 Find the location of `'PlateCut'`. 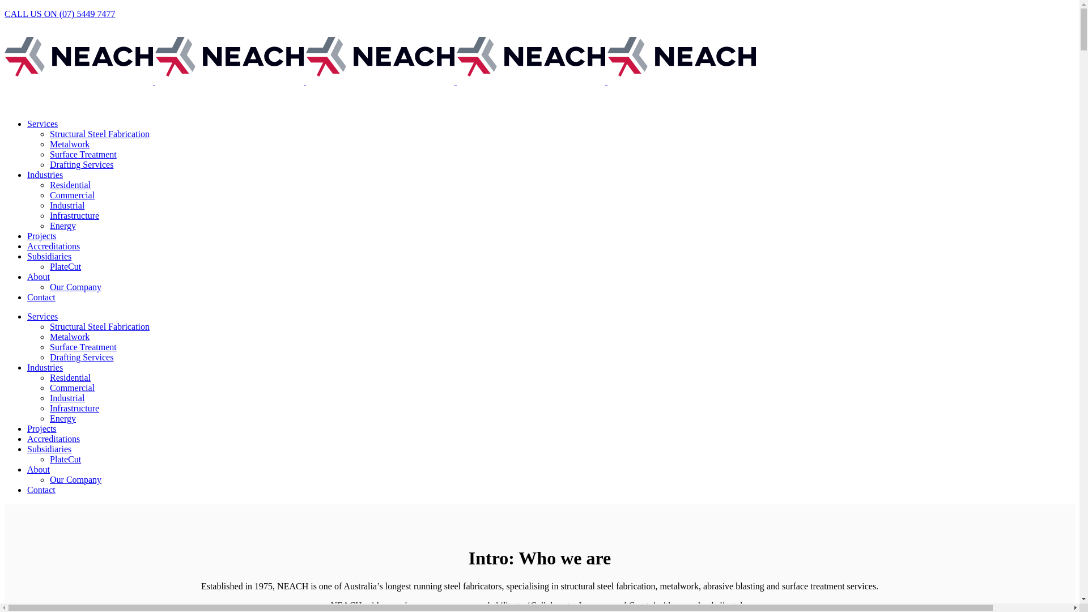

'PlateCut' is located at coordinates (65, 459).